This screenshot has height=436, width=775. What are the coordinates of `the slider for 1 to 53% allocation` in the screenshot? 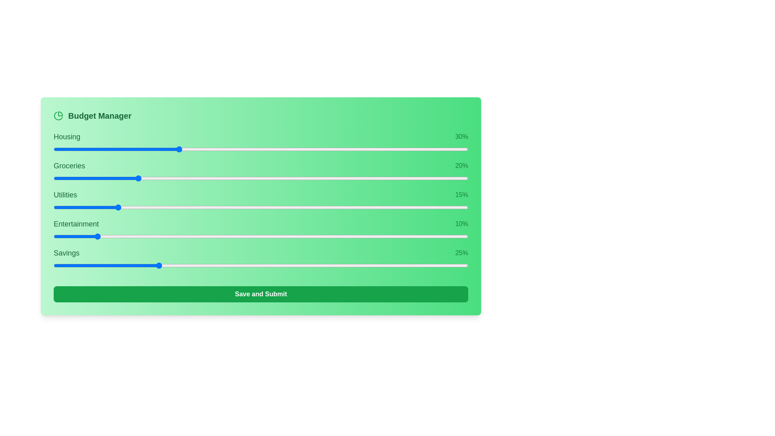 It's located at (370, 178).